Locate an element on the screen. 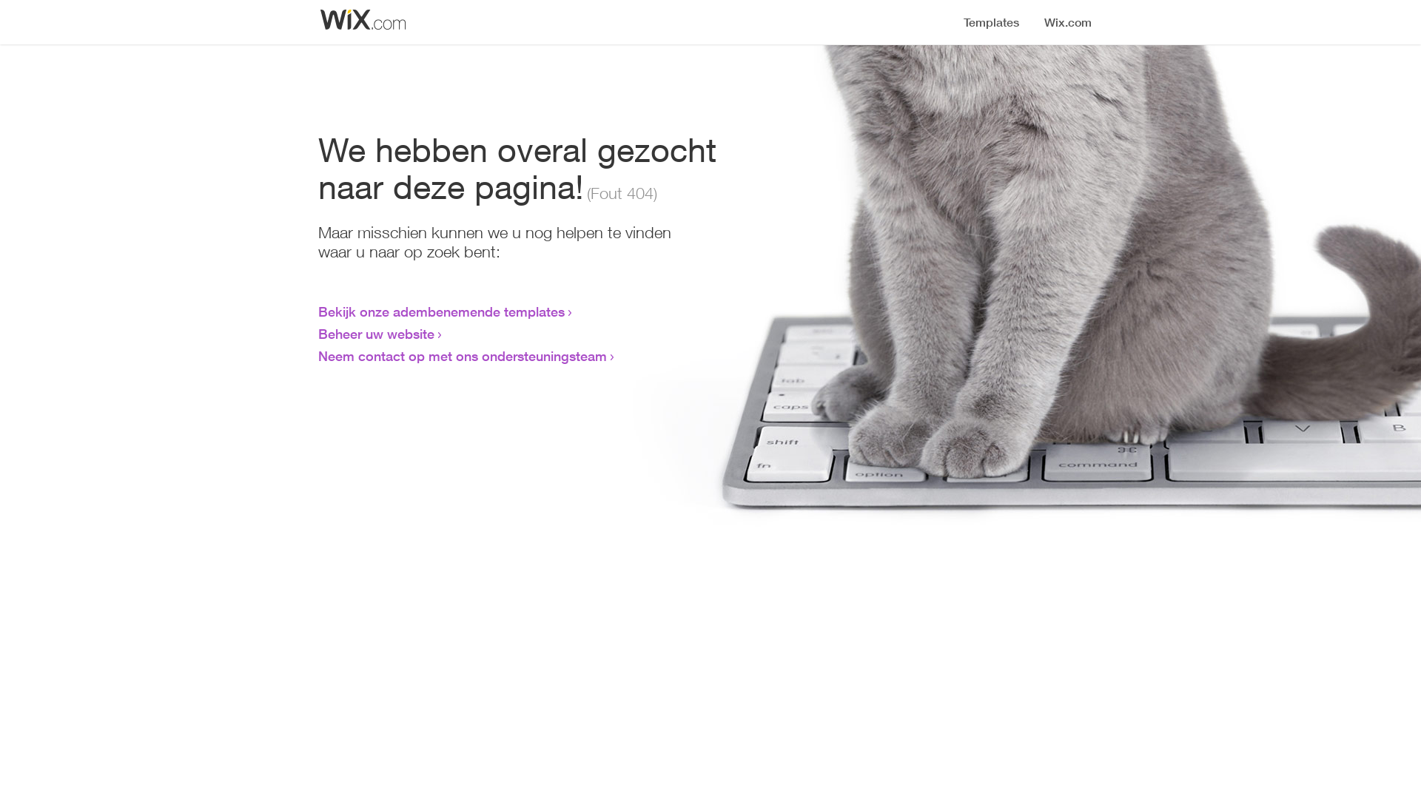 The image size is (1421, 799). 'Neem contact op met ons ondersteuningsteam' is located at coordinates (318, 356).